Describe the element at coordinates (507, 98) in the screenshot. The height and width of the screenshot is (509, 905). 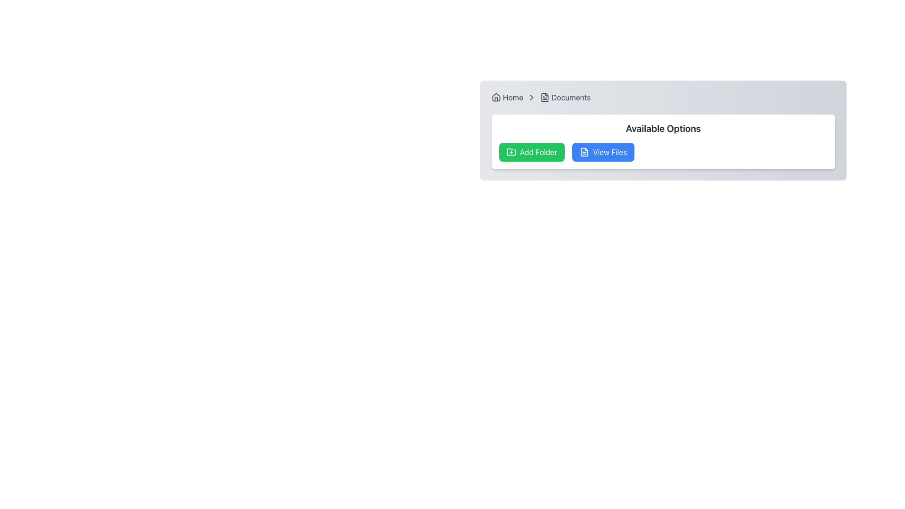
I see `the clickable link with icon and text at the top left of the breadcrumb navigation bar` at that location.